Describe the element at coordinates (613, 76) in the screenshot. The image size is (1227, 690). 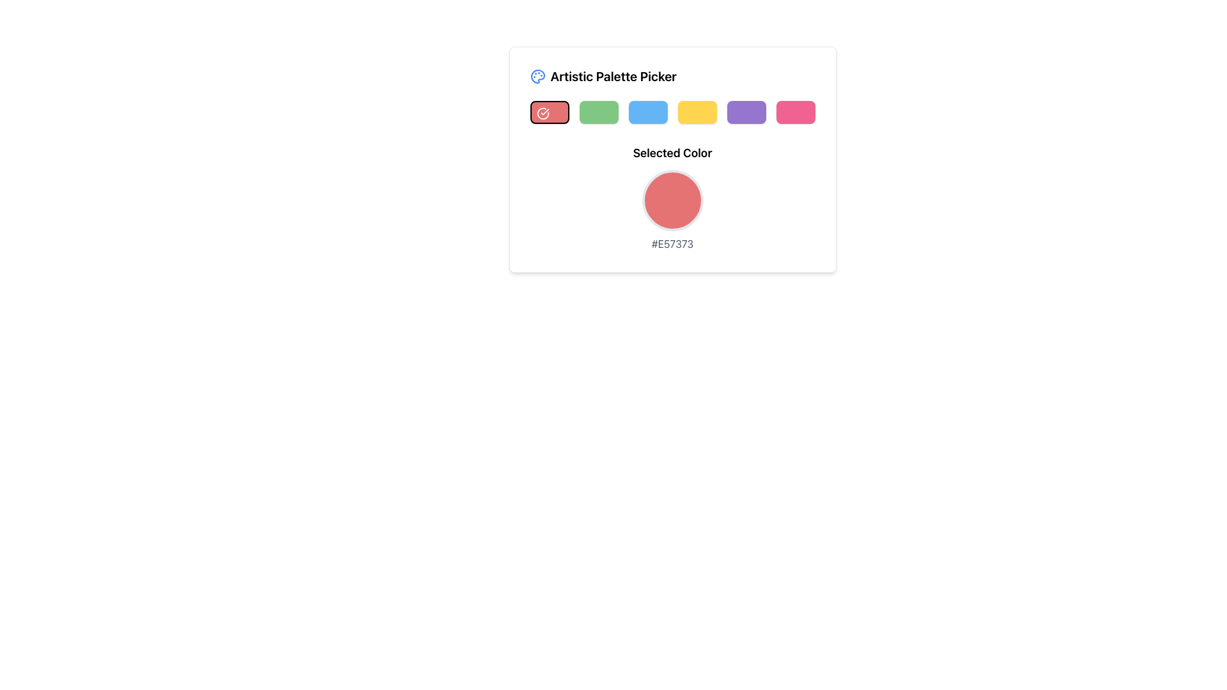
I see `the heading text 'Artistic Palette Picker' which is displayed prominently in bold and large font at the top of the interface` at that location.